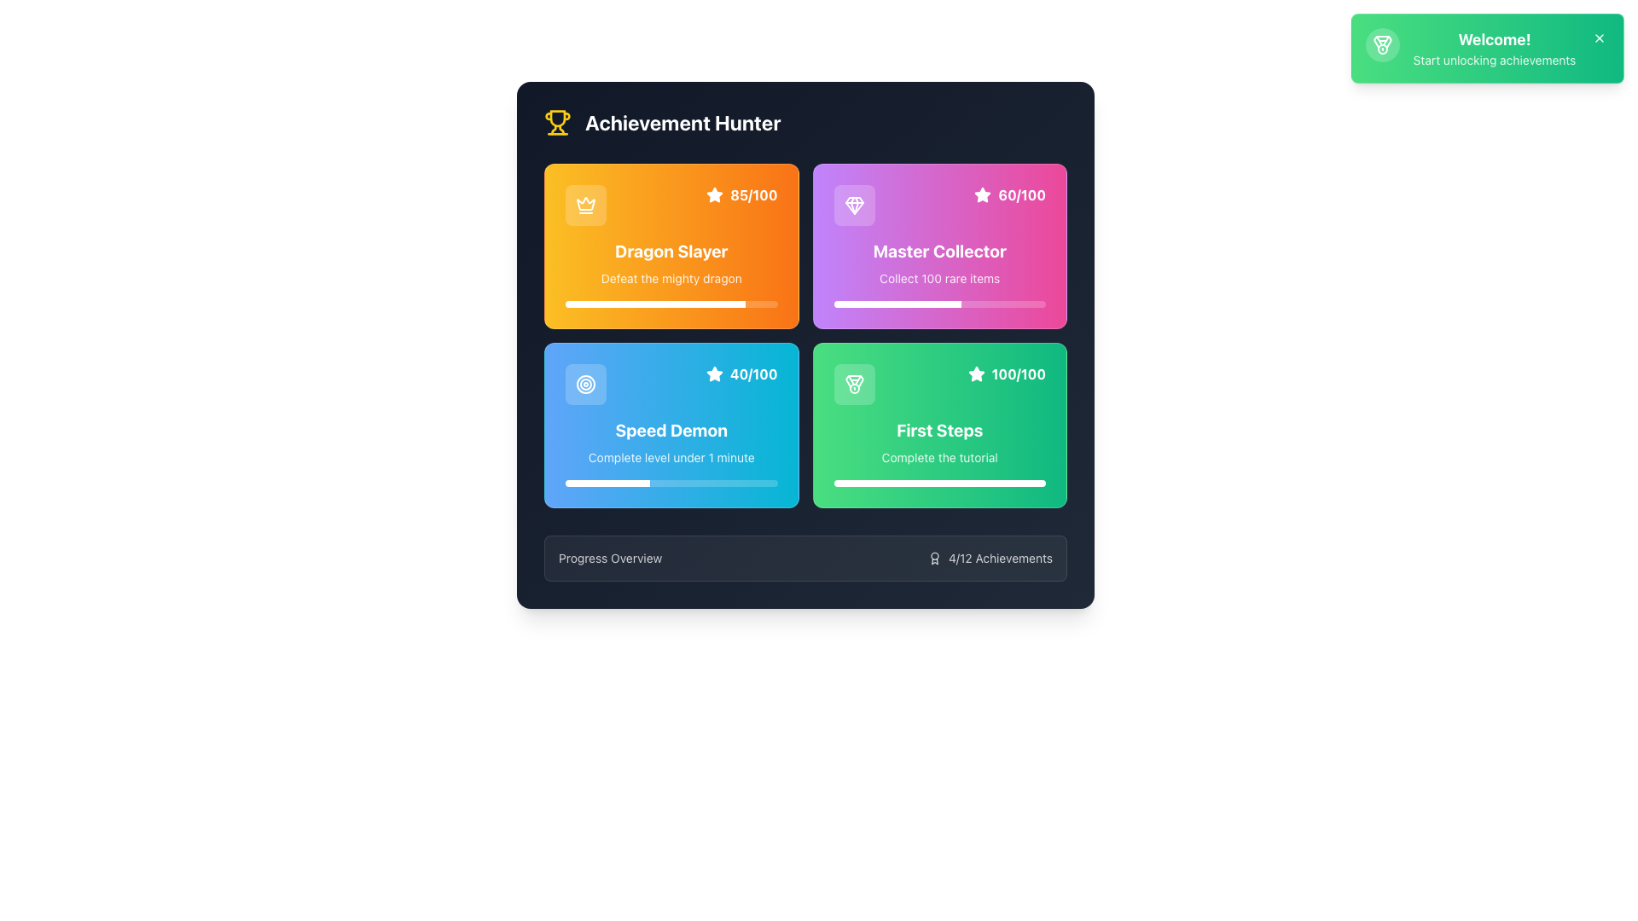 The height and width of the screenshot is (921, 1638). What do you see at coordinates (854, 204) in the screenshot?
I see `the gem icon located in the upper-right quadrant of the 'Master Collector' card with a progress score of '60/100'` at bounding box center [854, 204].